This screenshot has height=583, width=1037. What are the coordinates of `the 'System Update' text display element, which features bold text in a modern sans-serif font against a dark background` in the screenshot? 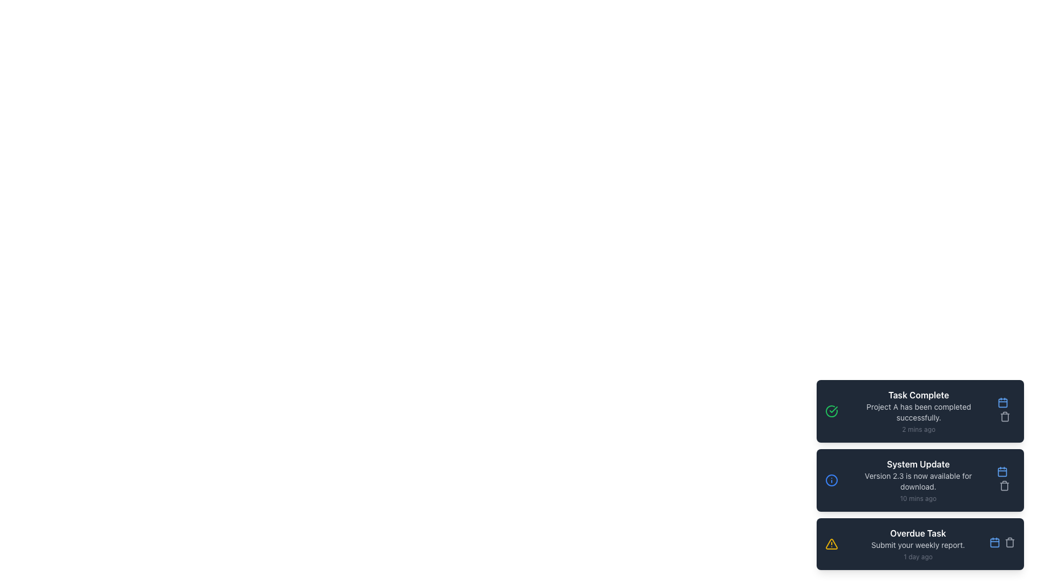 It's located at (918, 464).